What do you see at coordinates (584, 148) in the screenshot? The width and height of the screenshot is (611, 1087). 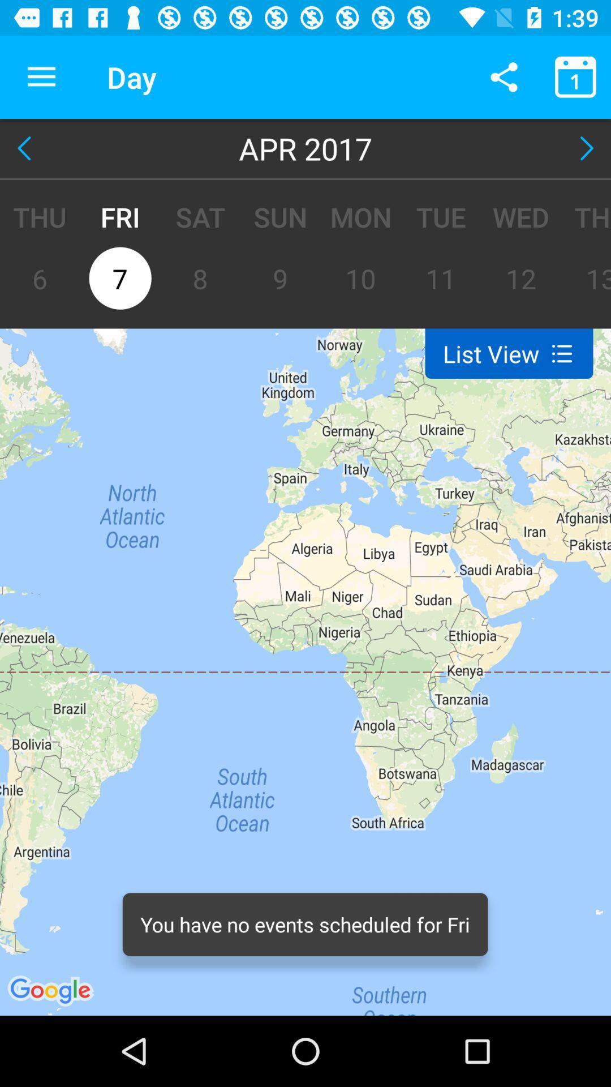 I see `the arrow_forward icon` at bounding box center [584, 148].